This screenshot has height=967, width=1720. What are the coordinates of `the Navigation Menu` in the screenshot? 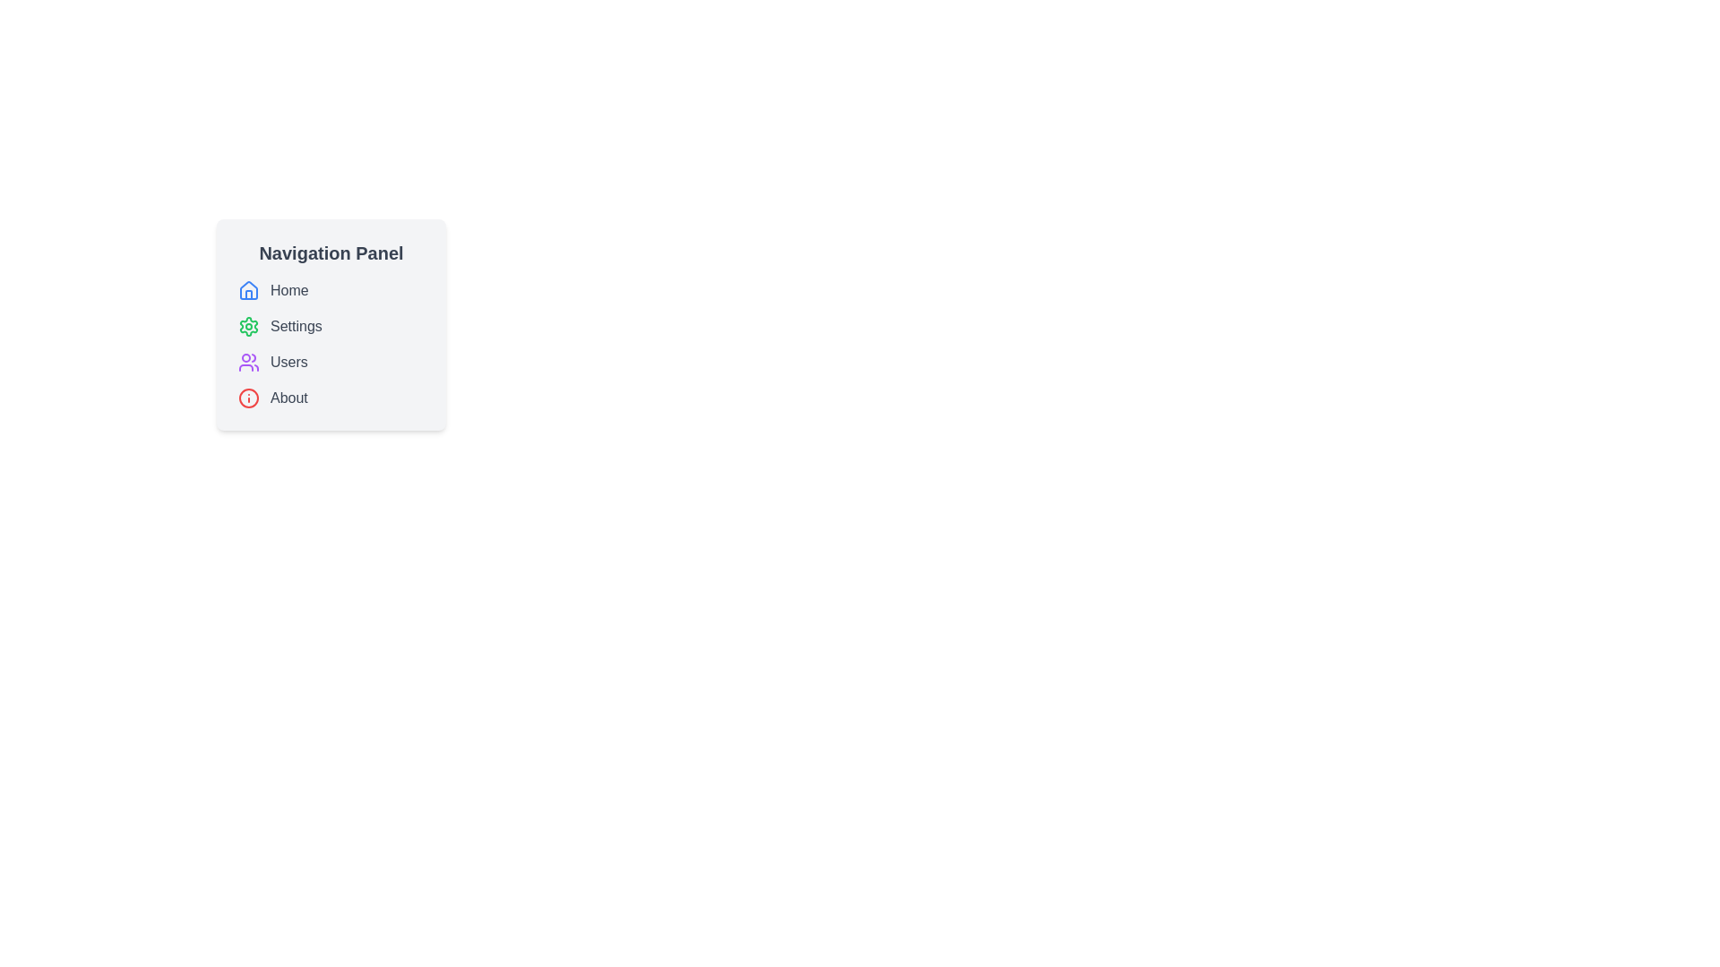 It's located at (331, 345).